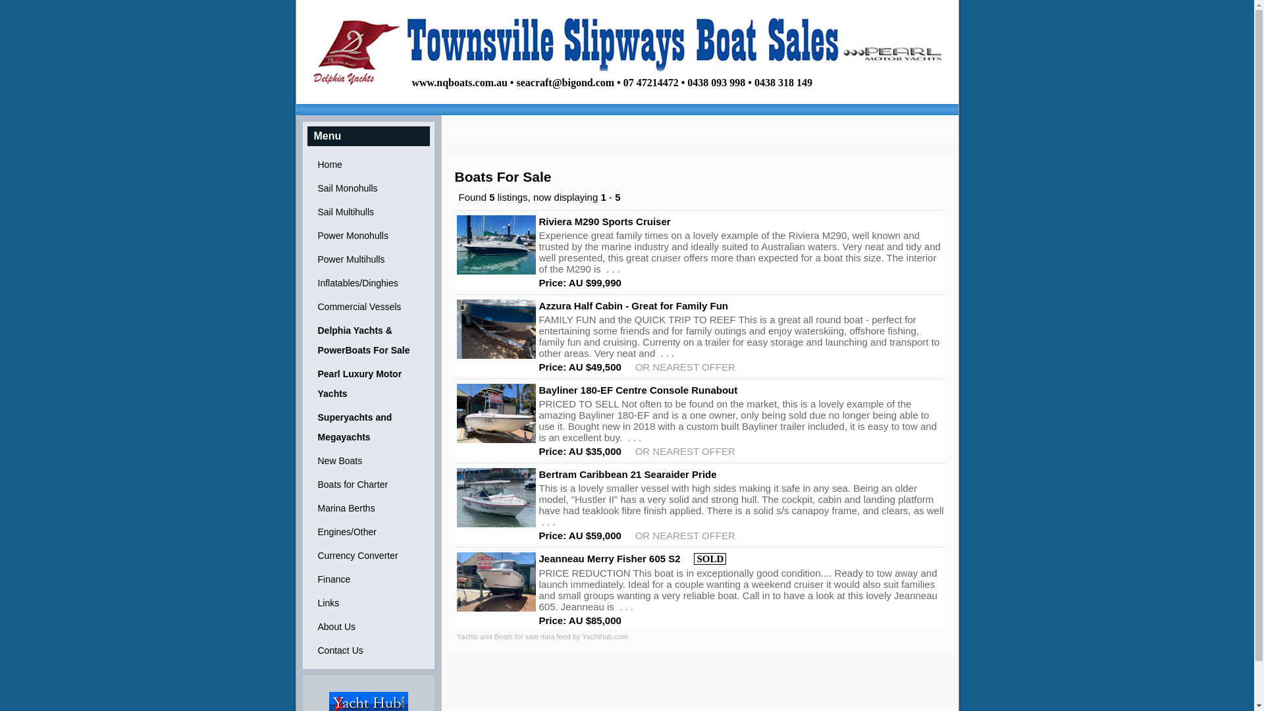 The width and height of the screenshot is (1264, 711). Describe the element at coordinates (309, 507) in the screenshot. I see `'Marina Berths'` at that location.